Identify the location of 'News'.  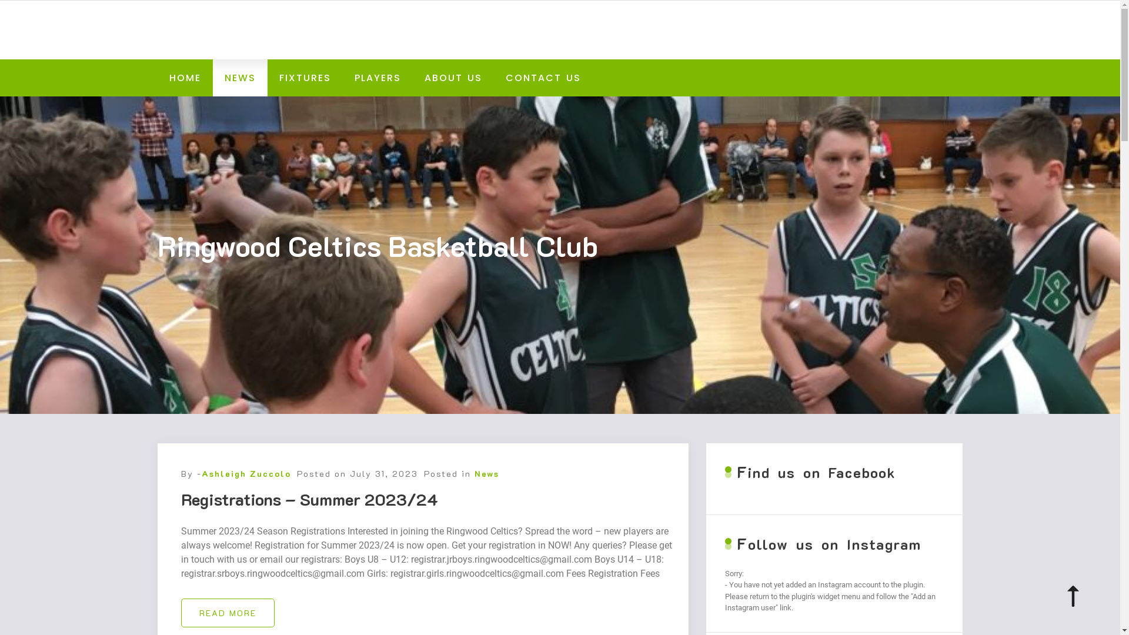
(486, 473).